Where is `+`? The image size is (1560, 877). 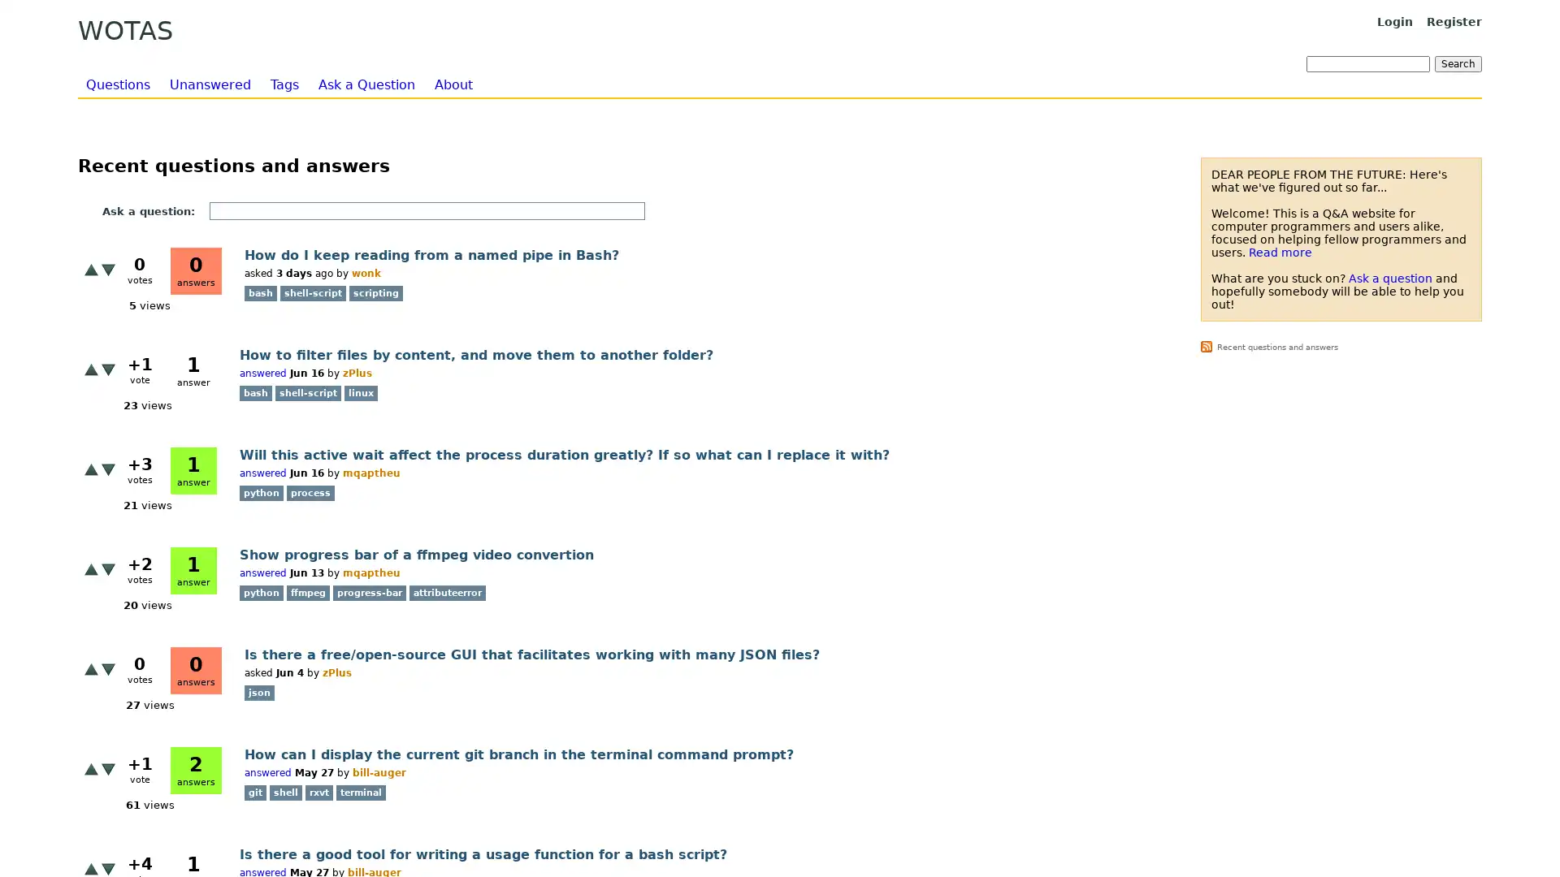 + is located at coordinates (90, 469).